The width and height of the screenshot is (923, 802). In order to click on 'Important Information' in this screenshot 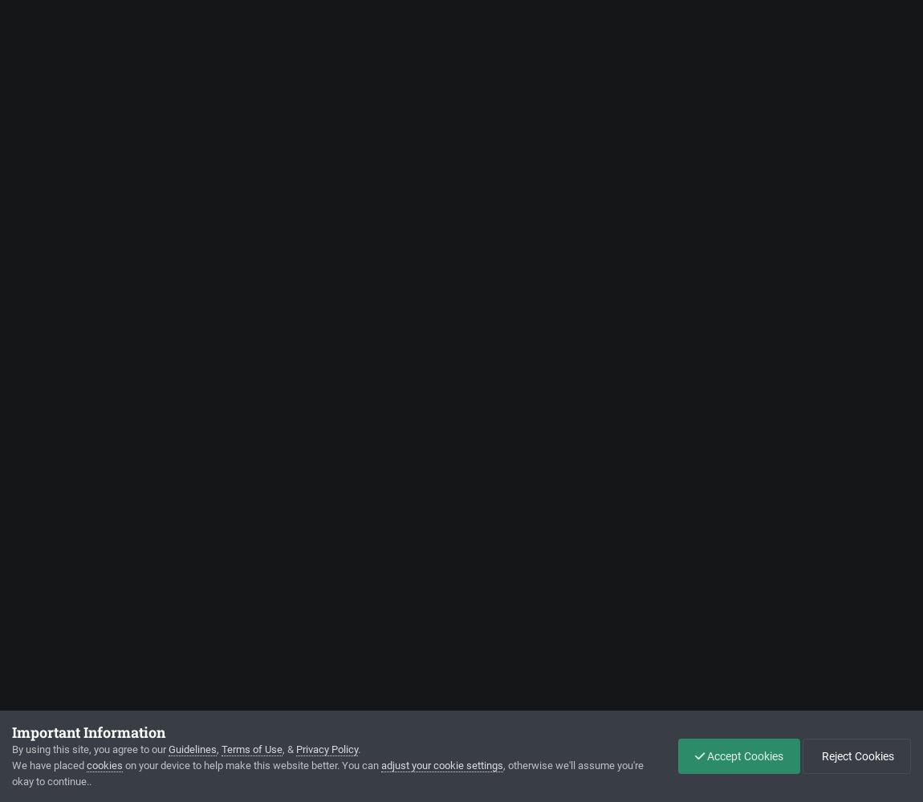, I will do `click(87, 731)`.